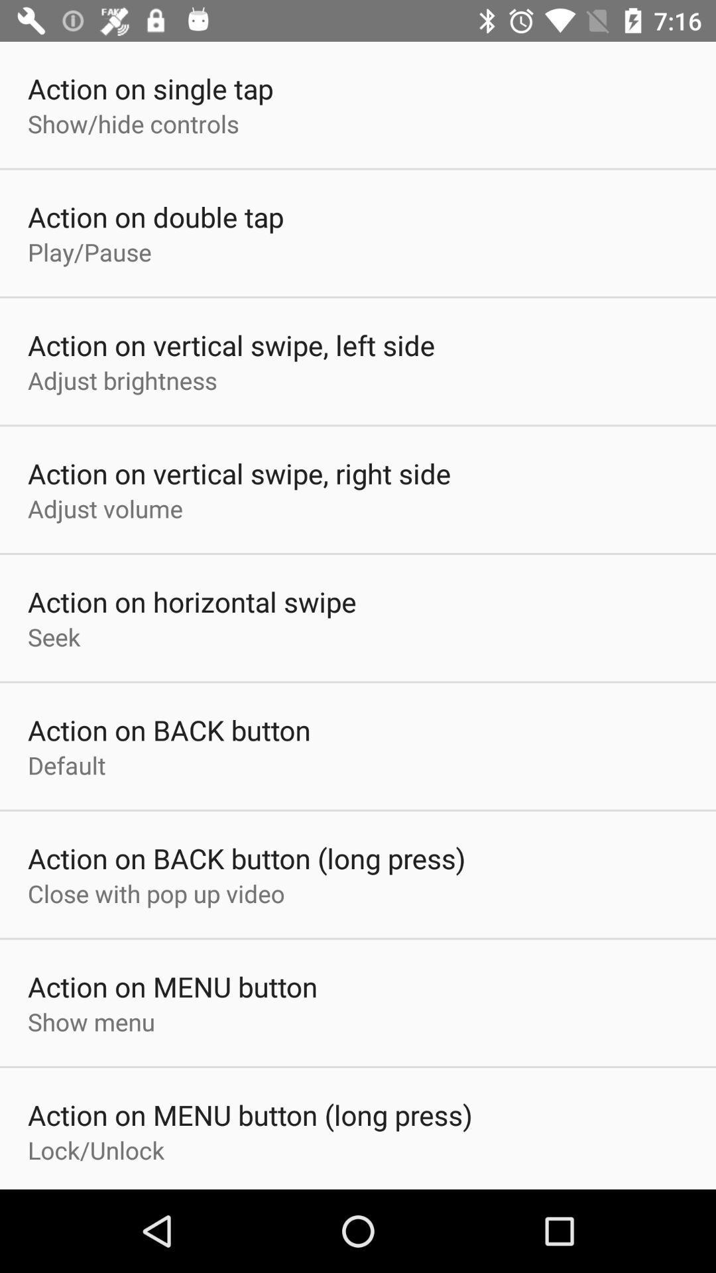  I want to click on the show menu app, so click(91, 1021).